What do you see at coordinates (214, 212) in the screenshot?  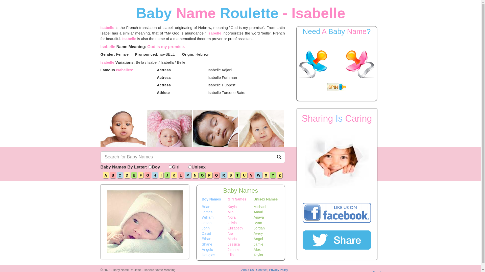 I see `'James'` at bounding box center [214, 212].